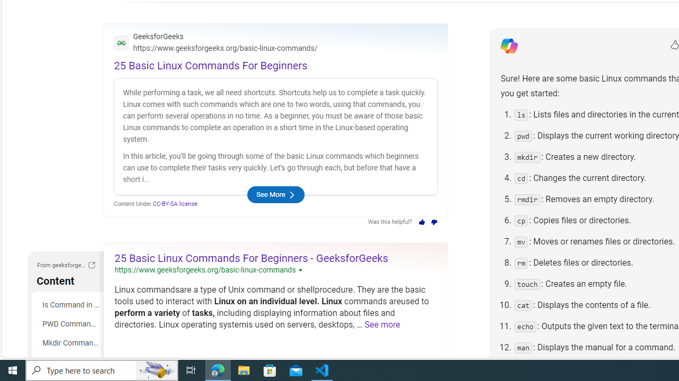 Image resolution: width=679 pixels, height=381 pixels. What do you see at coordinates (69, 323) in the screenshot?
I see `'PWD Command in Linux'` at bounding box center [69, 323].